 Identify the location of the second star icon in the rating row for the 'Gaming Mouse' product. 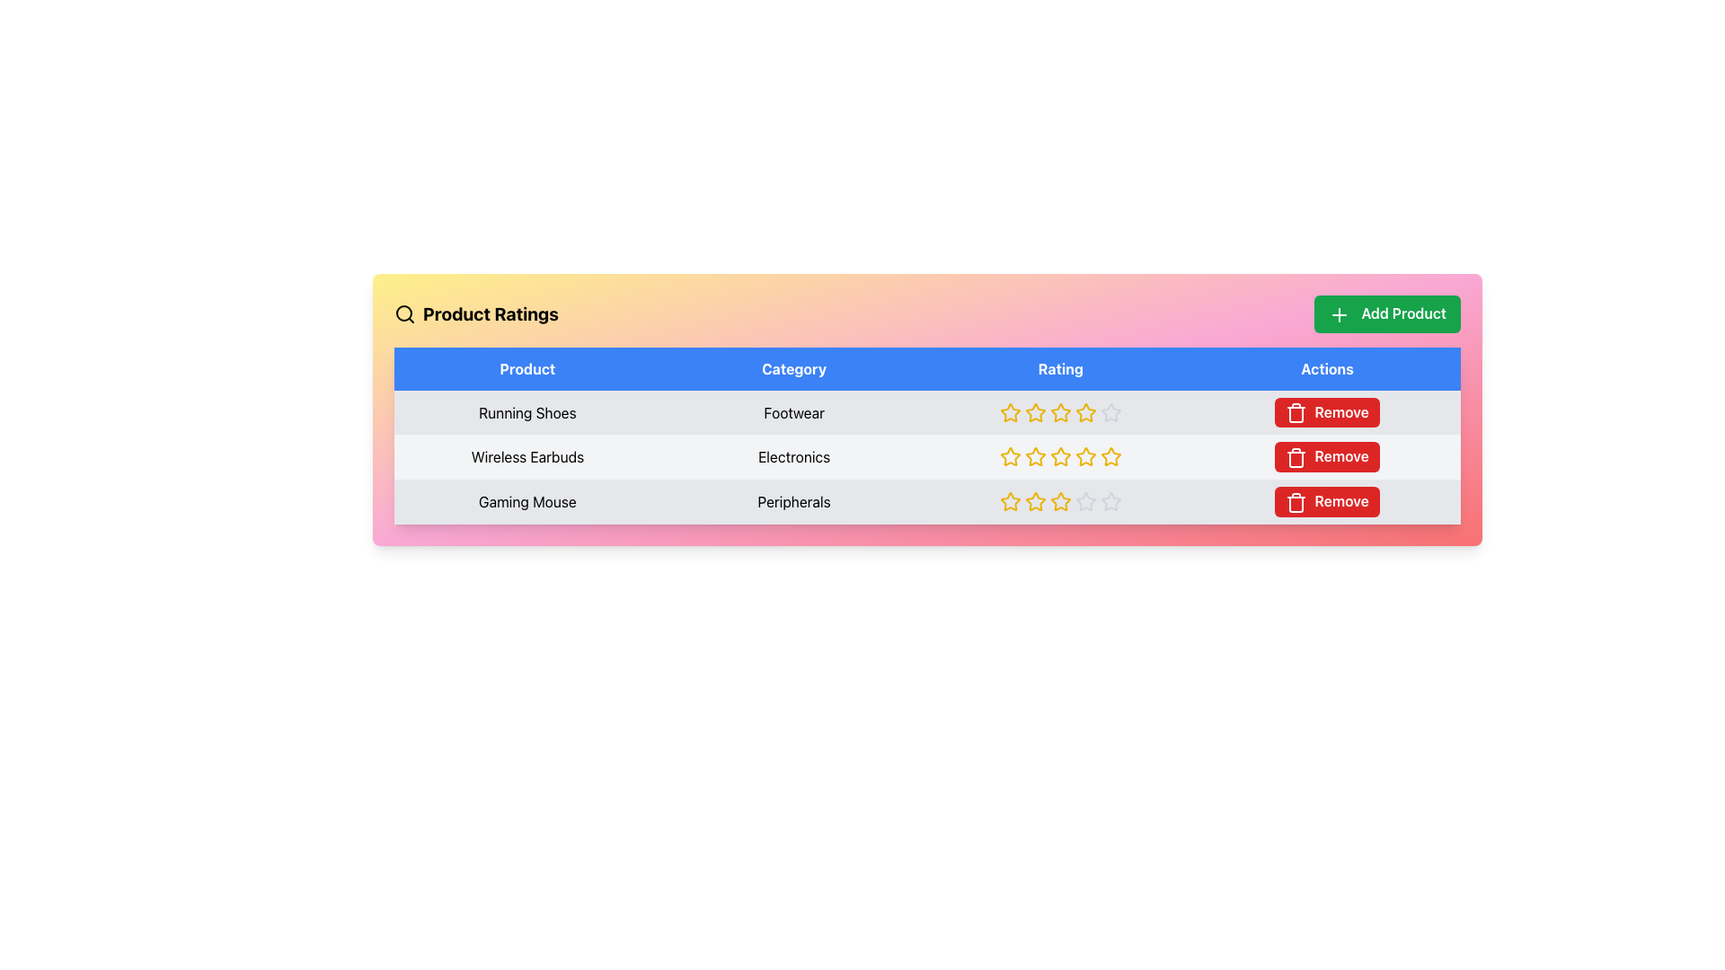
(1010, 502).